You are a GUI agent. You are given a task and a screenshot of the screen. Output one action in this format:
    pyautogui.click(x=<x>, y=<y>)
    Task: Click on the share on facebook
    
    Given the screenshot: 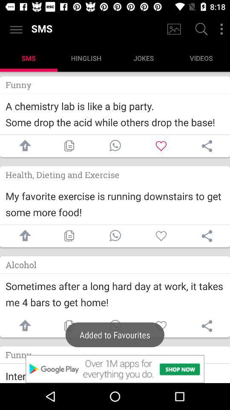 What is the action you would take?
    pyautogui.click(x=23, y=325)
    